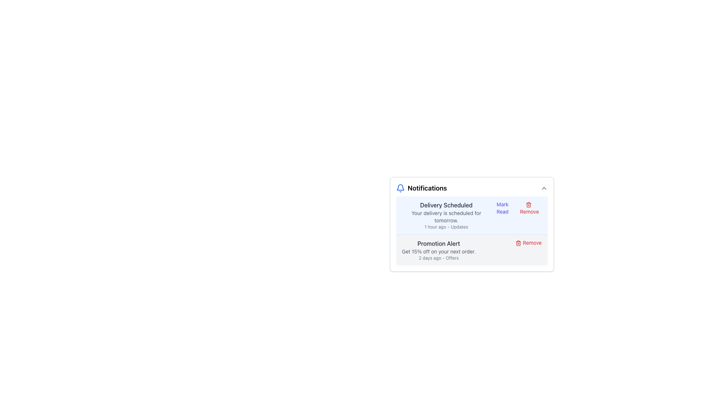  Describe the element at coordinates (518, 243) in the screenshot. I see `the red trash icon located next to the 'Remove' text` at that location.